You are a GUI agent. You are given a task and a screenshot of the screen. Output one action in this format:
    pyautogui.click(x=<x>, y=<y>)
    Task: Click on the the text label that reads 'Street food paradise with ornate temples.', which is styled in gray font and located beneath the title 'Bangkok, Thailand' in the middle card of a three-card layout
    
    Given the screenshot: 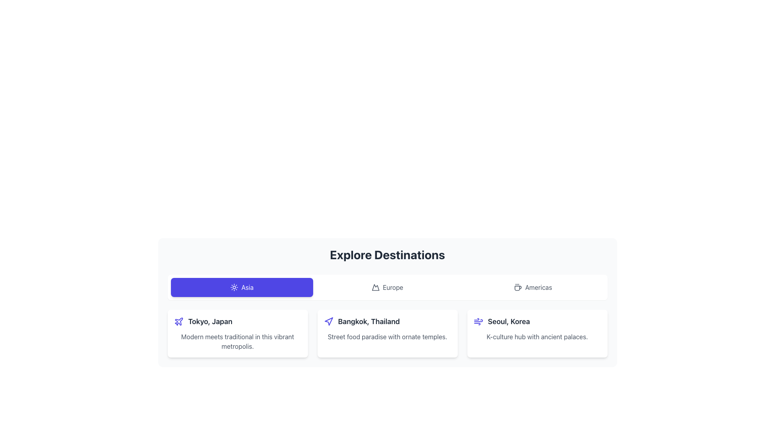 What is the action you would take?
    pyautogui.click(x=387, y=336)
    